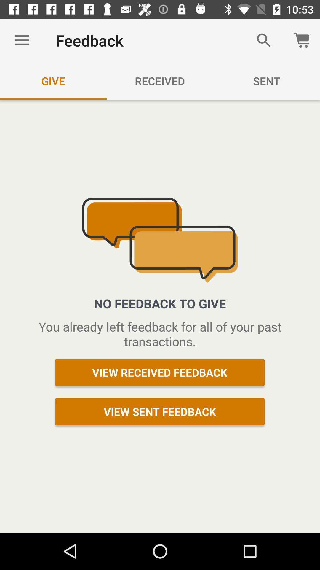 Image resolution: width=320 pixels, height=570 pixels. I want to click on icon next to feedback, so click(21, 40).